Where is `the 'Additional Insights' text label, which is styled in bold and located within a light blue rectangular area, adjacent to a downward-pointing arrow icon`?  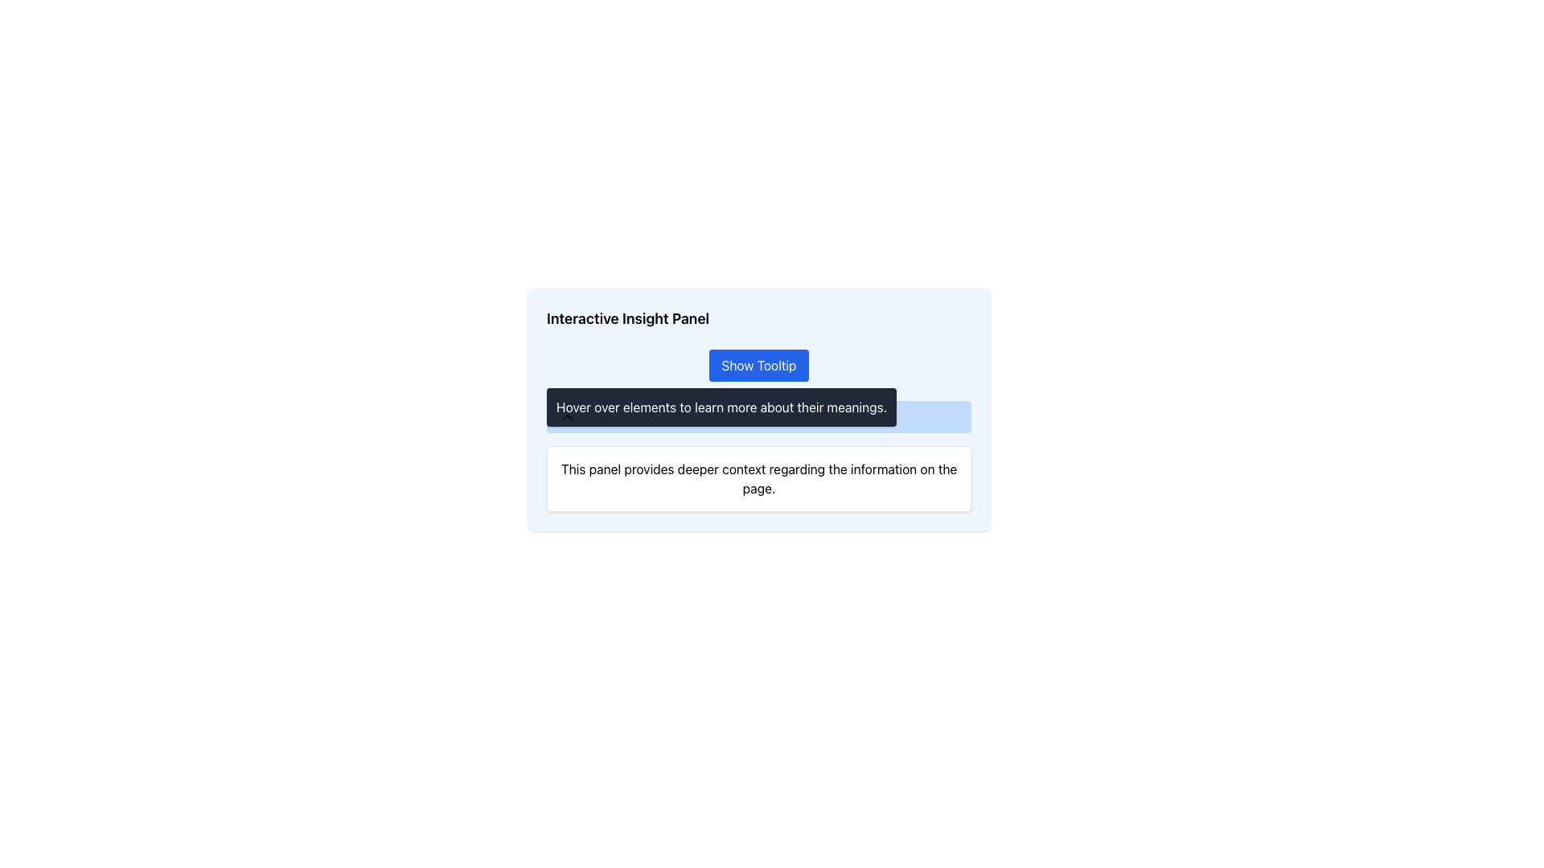 the 'Additional Insights' text label, which is styled in bold and located within a light blue rectangular area, adjacent to a downward-pointing arrow icon is located at coordinates (638, 416).